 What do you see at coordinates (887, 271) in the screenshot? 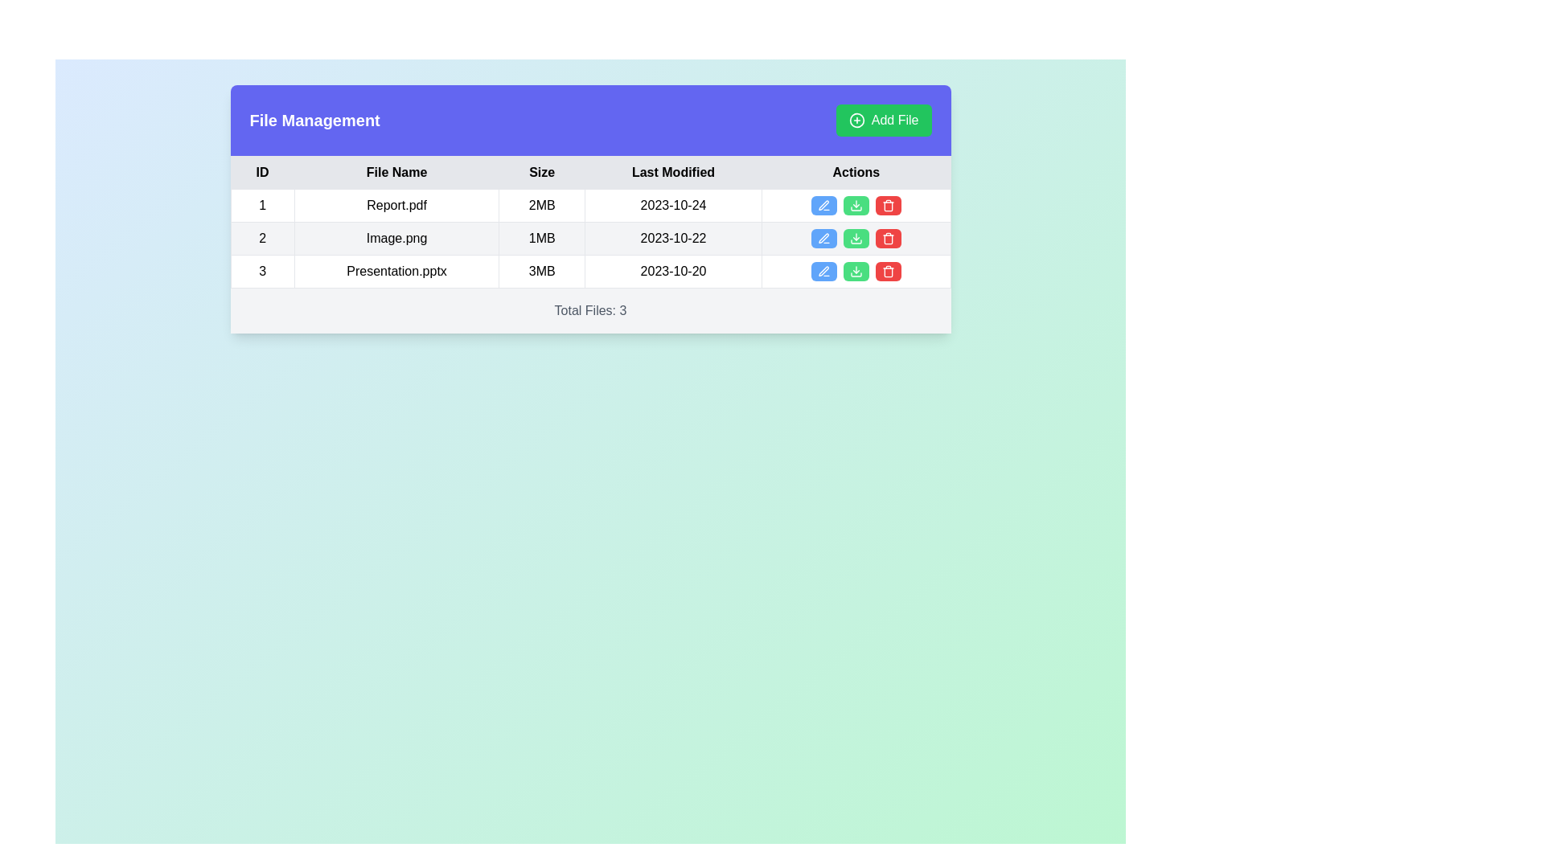
I see `the trash bin icon in the Actions column of the third row` at bounding box center [887, 271].